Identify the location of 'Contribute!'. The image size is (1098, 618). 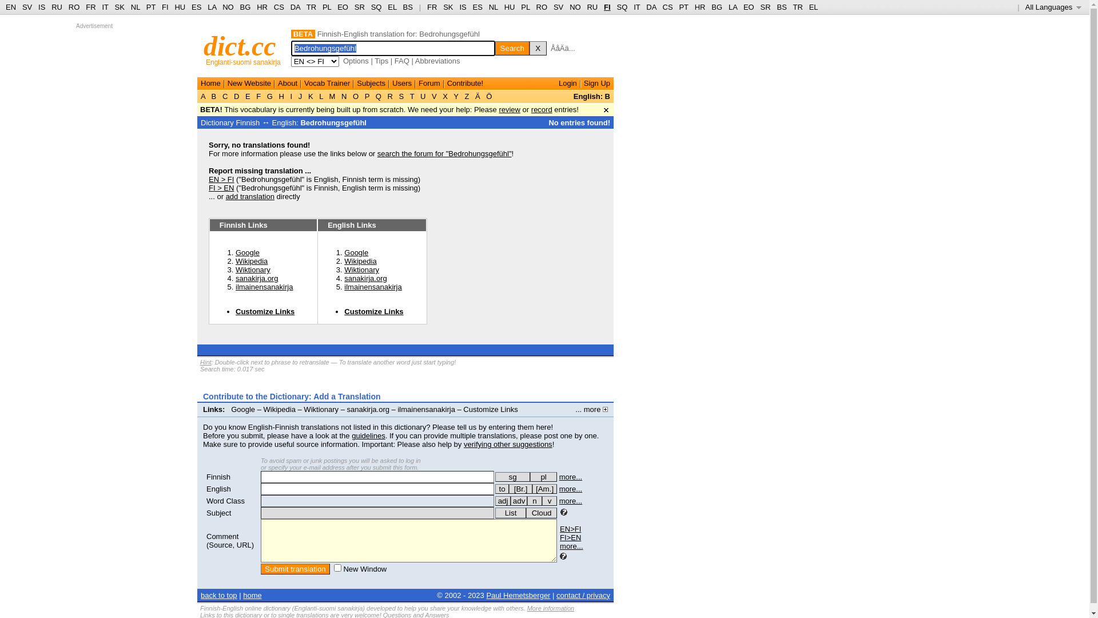
(466, 82).